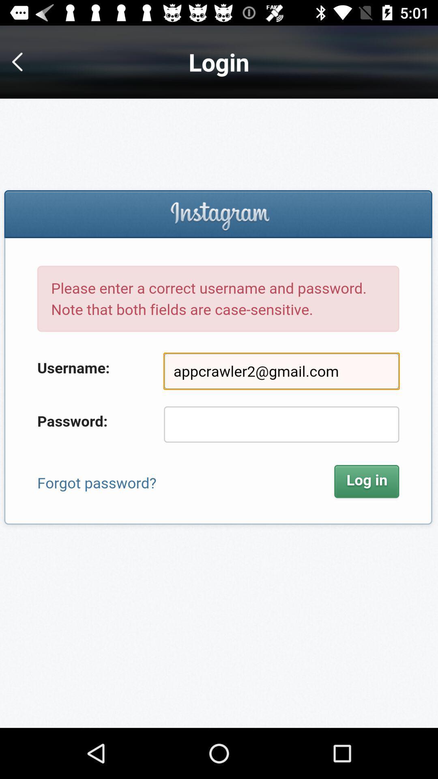 The width and height of the screenshot is (438, 779). Describe the element at coordinates (219, 413) in the screenshot. I see `password` at that location.